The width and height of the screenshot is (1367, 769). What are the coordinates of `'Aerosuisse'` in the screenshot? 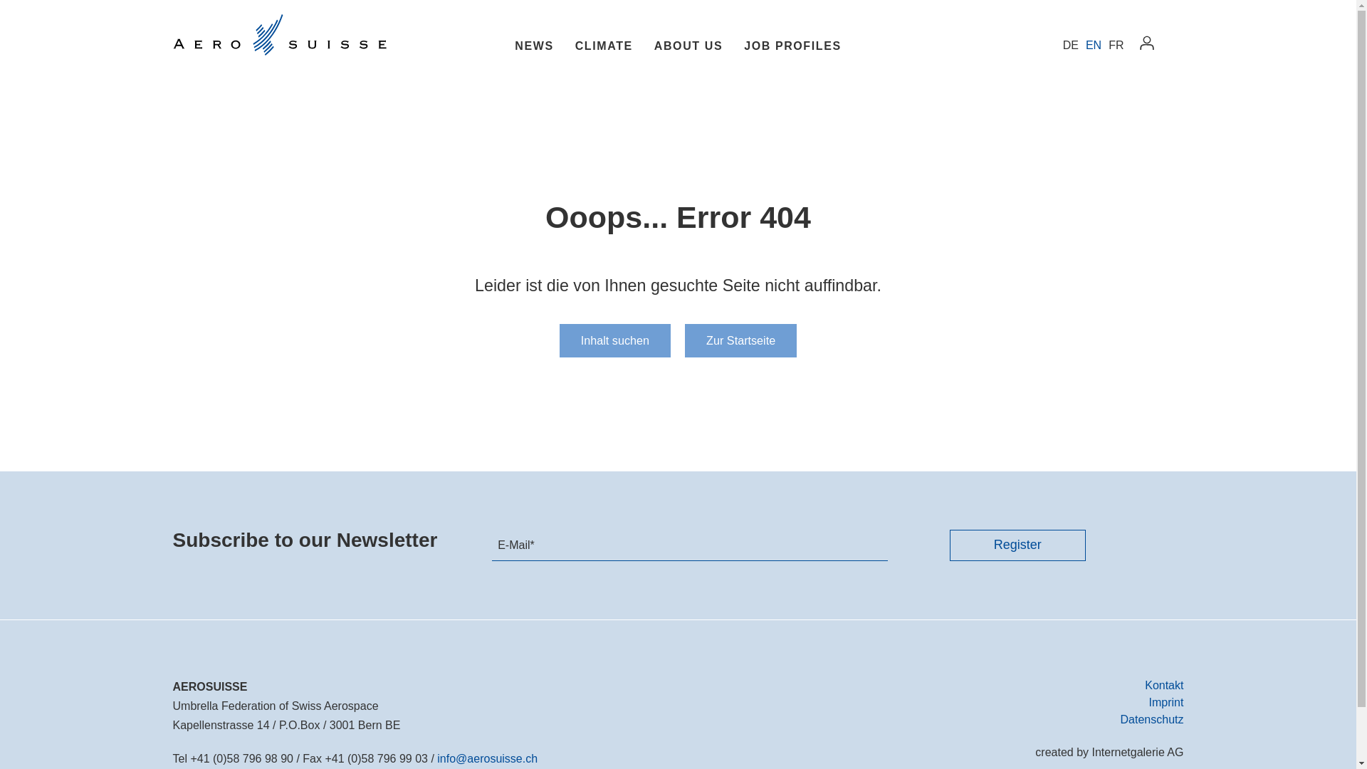 It's located at (279, 34).